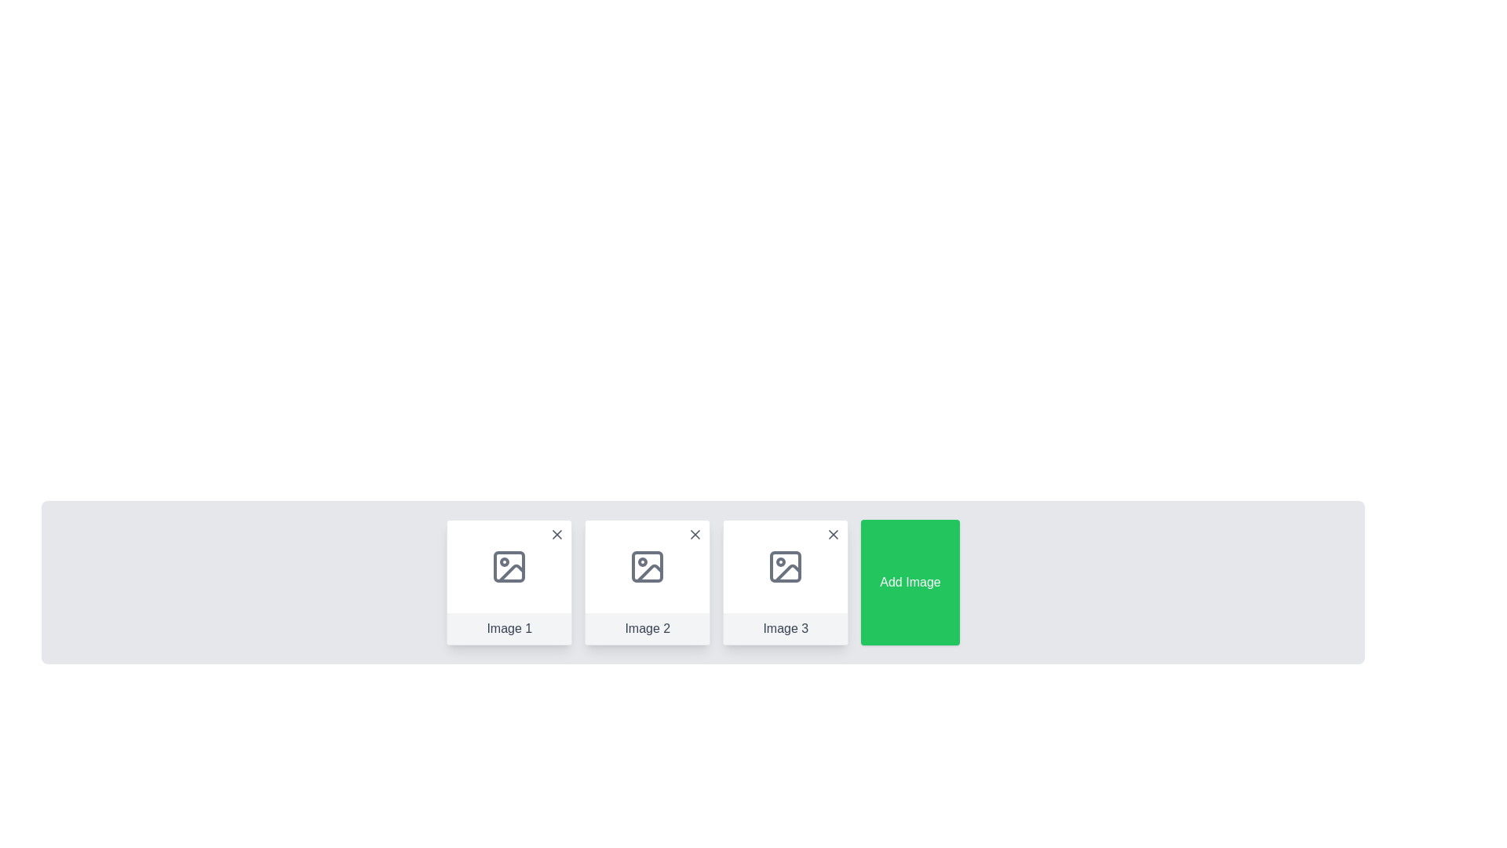 Image resolution: width=1507 pixels, height=848 pixels. I want to click on the rectangular green button with white text that says 'Add Image', so click(910, 582).